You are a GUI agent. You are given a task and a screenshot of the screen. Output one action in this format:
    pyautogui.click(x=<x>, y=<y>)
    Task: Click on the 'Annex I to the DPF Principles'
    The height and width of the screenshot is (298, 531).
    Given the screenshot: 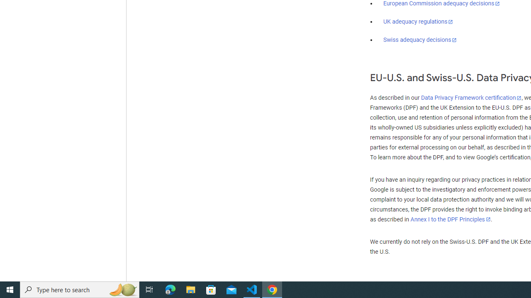 What is the action you would take?
    pyautogui.click(x=450, y=219)
    